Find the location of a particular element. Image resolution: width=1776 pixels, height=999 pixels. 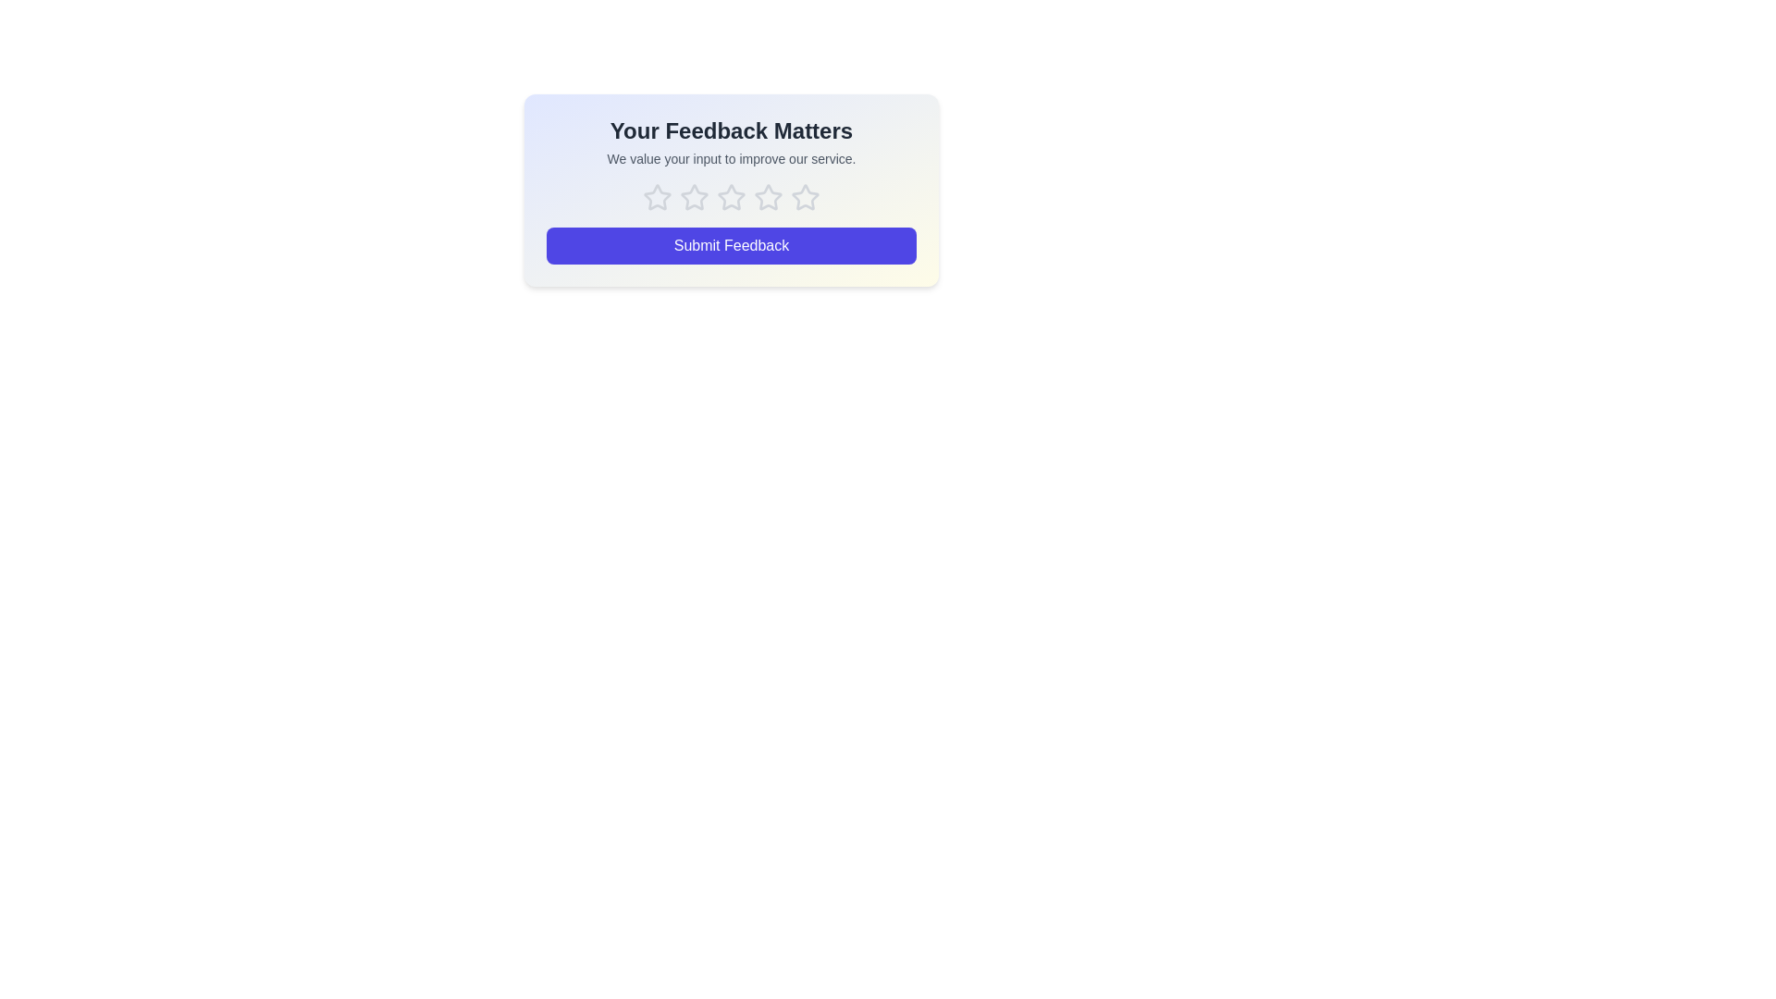

the submission button located at the bottom of the feedback form is located at coordinates (731, 245).